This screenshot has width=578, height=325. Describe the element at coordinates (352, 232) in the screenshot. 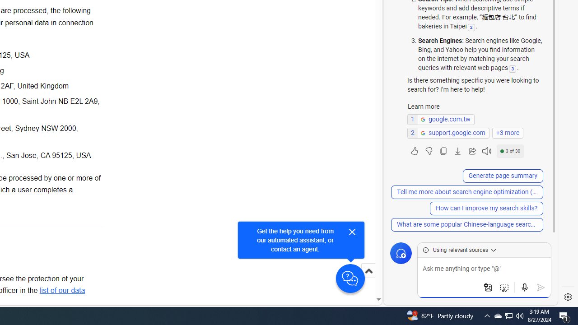

I see `'Close'` at that location.